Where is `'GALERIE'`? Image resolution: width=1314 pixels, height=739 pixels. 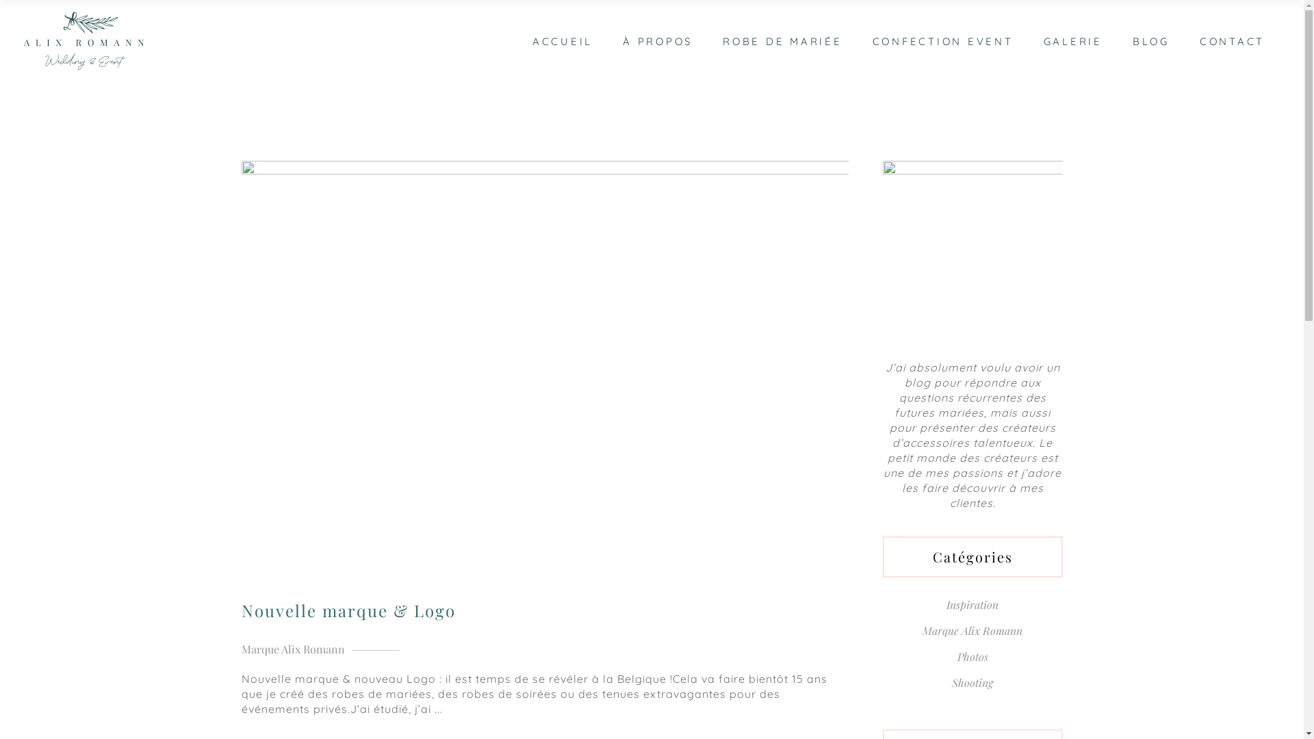
'GALERIE' is located at coordinates (1071, 40).